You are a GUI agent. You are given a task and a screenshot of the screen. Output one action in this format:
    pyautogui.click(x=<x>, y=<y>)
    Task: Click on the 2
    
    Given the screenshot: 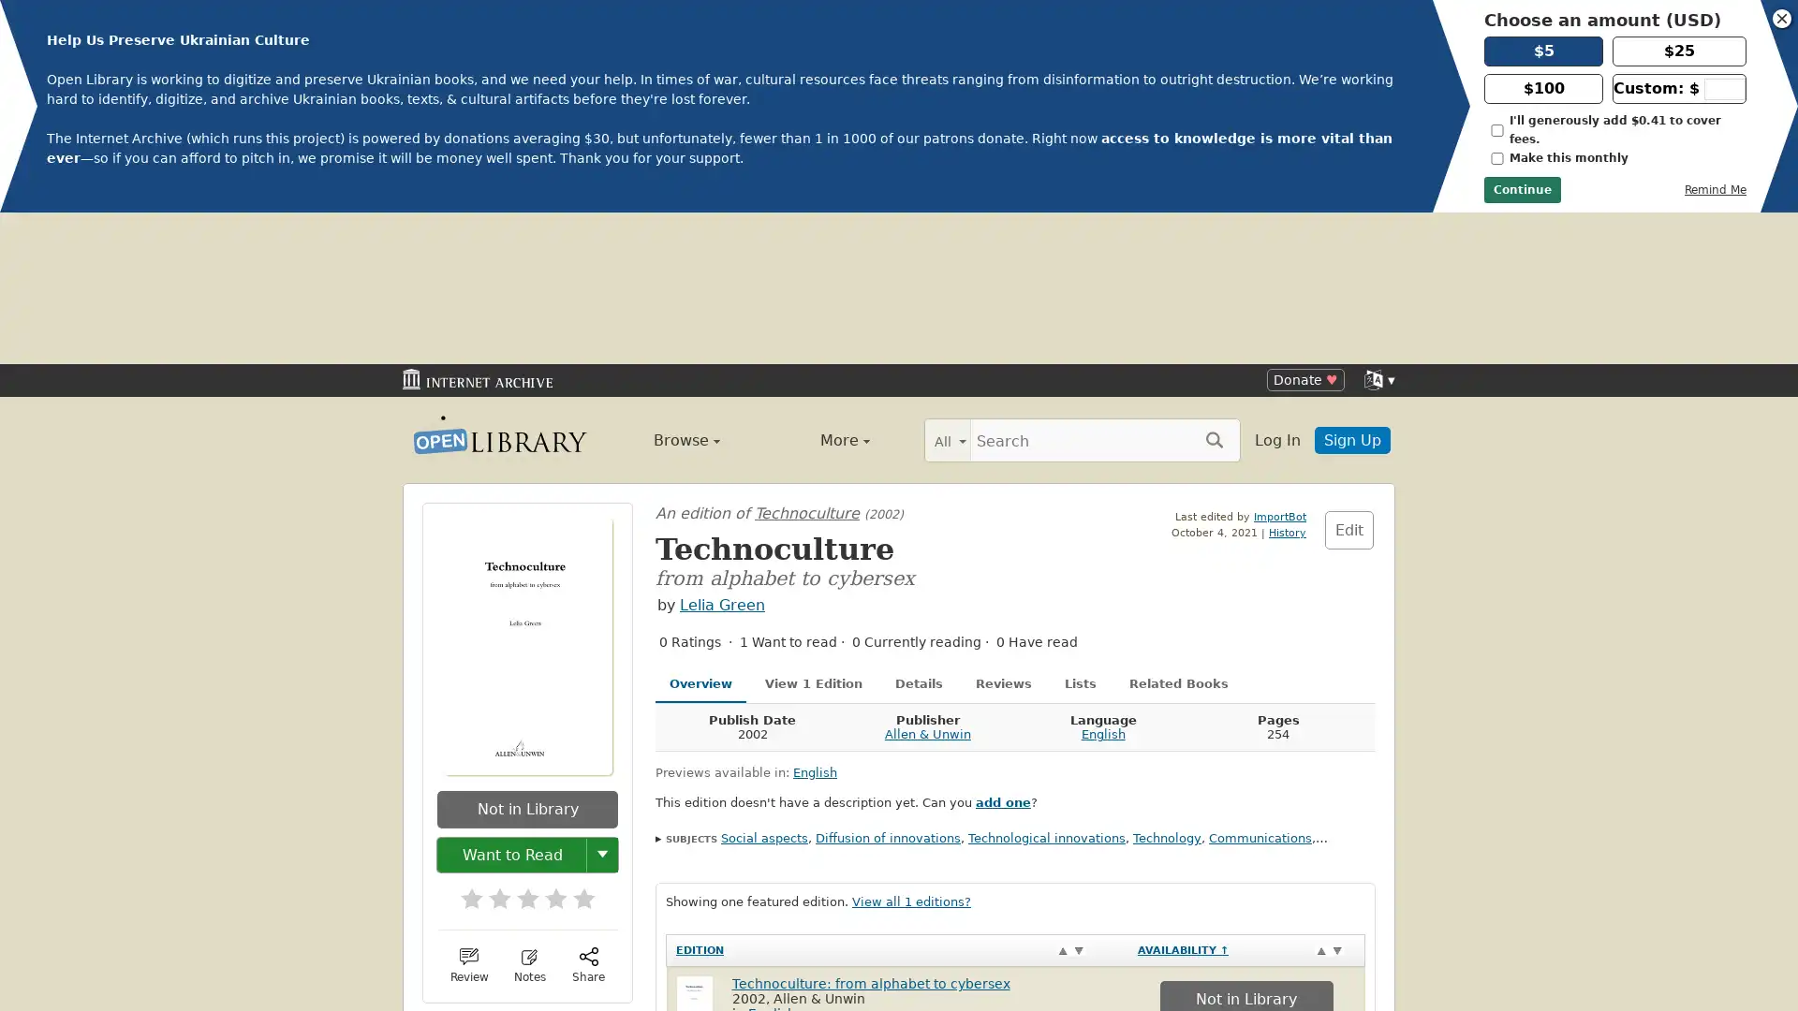 What is the action you would take?
    pyautogui.click(x=490, y=740)
    